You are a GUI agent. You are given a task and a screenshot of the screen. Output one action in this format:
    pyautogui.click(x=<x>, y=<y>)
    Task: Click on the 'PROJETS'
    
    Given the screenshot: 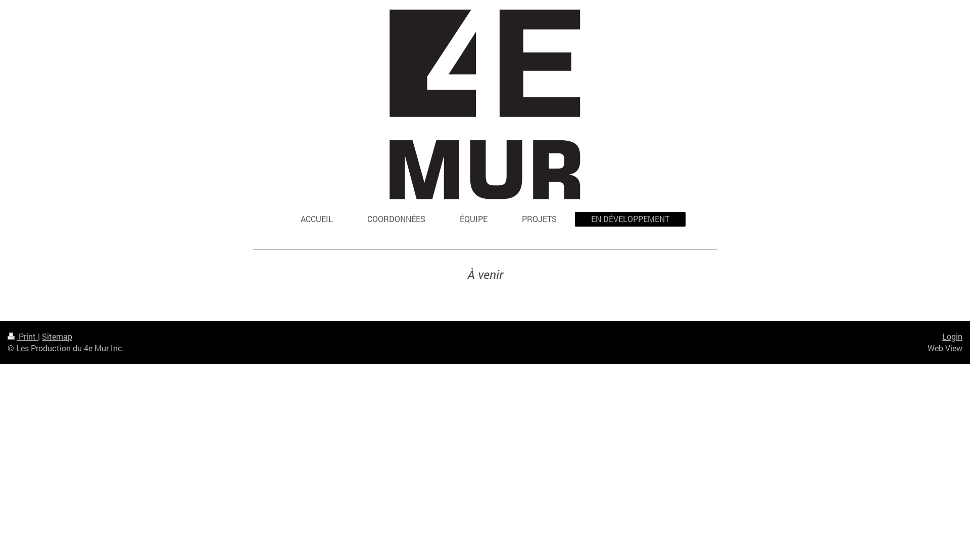 What is the action you would take?
    pyautogui.click(x=539, y=219)
    